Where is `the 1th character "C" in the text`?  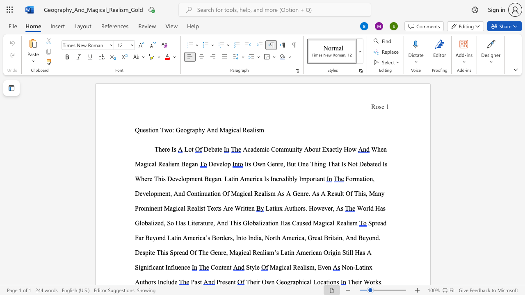 the 1th character "C" in the text is located at coordinates (273, 149).